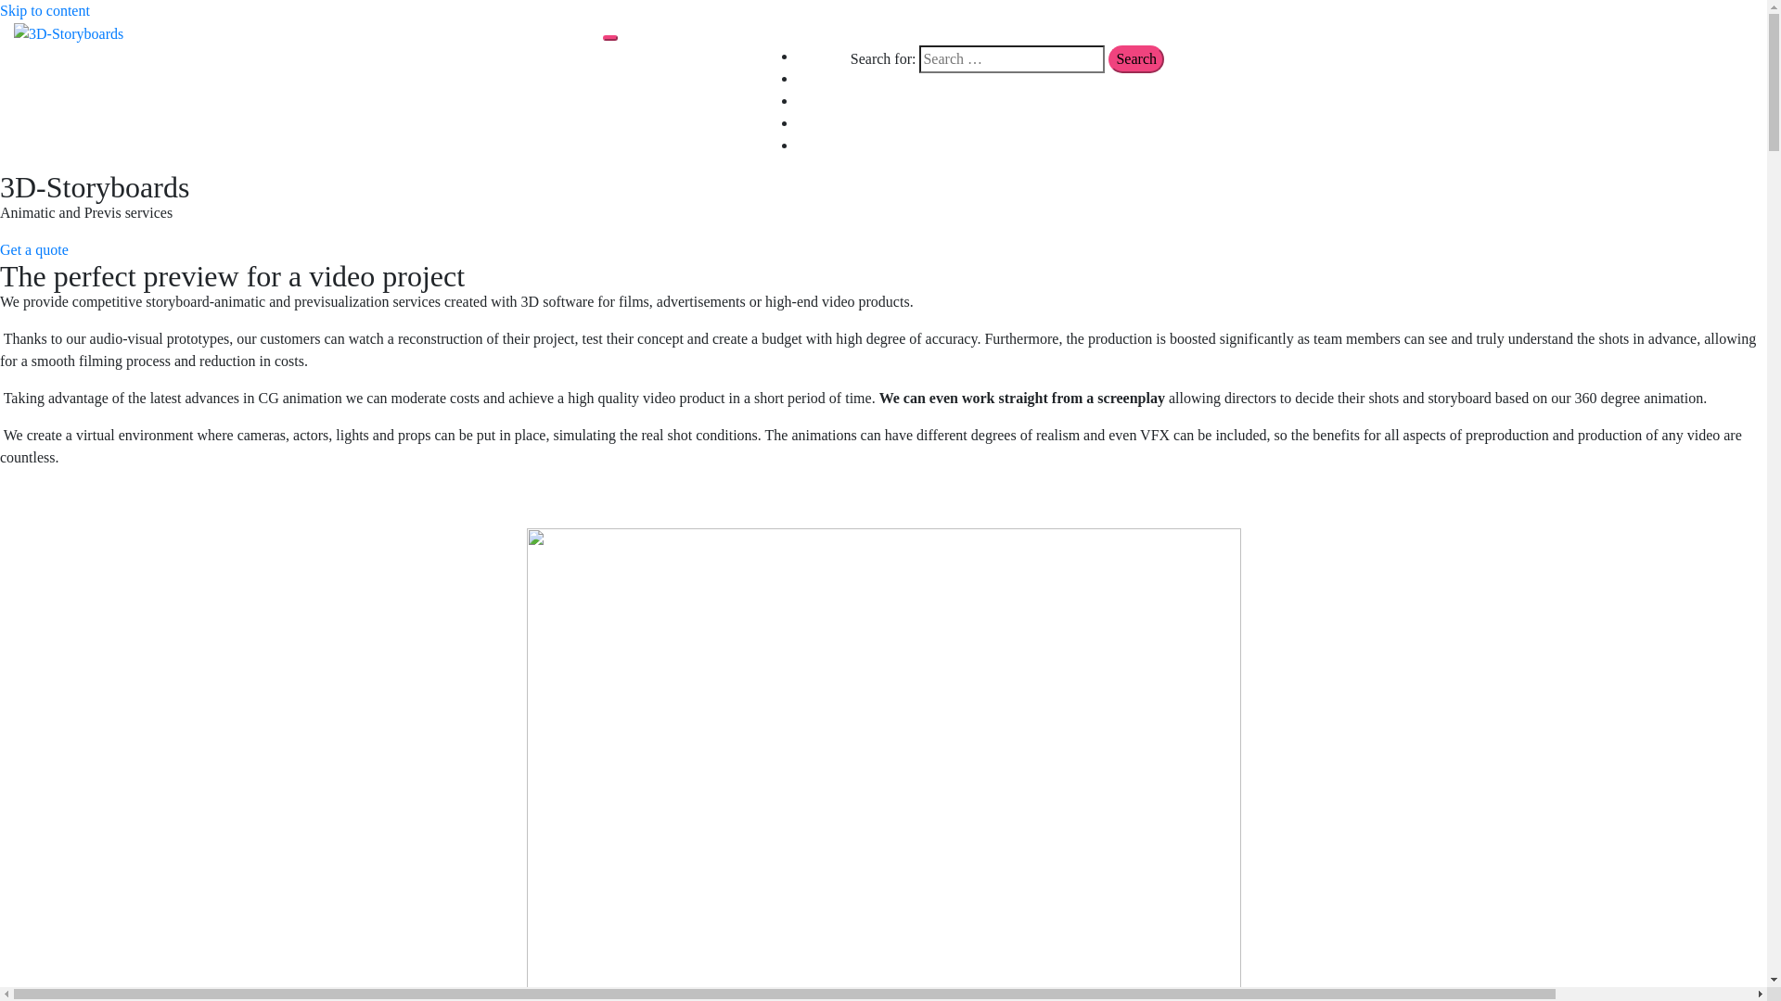 This screenshot has height=1001, width=1781. I want to click on 'About us', so click(823, 77).